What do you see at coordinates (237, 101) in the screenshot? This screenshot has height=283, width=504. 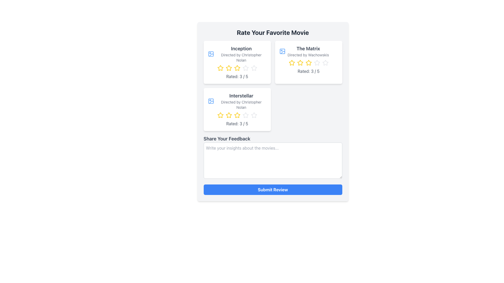 I see `the text block with icon that provides information about the movie 'Interstellar' in the movie rating interface, located in the third card of the grid, centered under 'Inception' and adjacent to 'The Matrix'` at bounding box center [237, 101].